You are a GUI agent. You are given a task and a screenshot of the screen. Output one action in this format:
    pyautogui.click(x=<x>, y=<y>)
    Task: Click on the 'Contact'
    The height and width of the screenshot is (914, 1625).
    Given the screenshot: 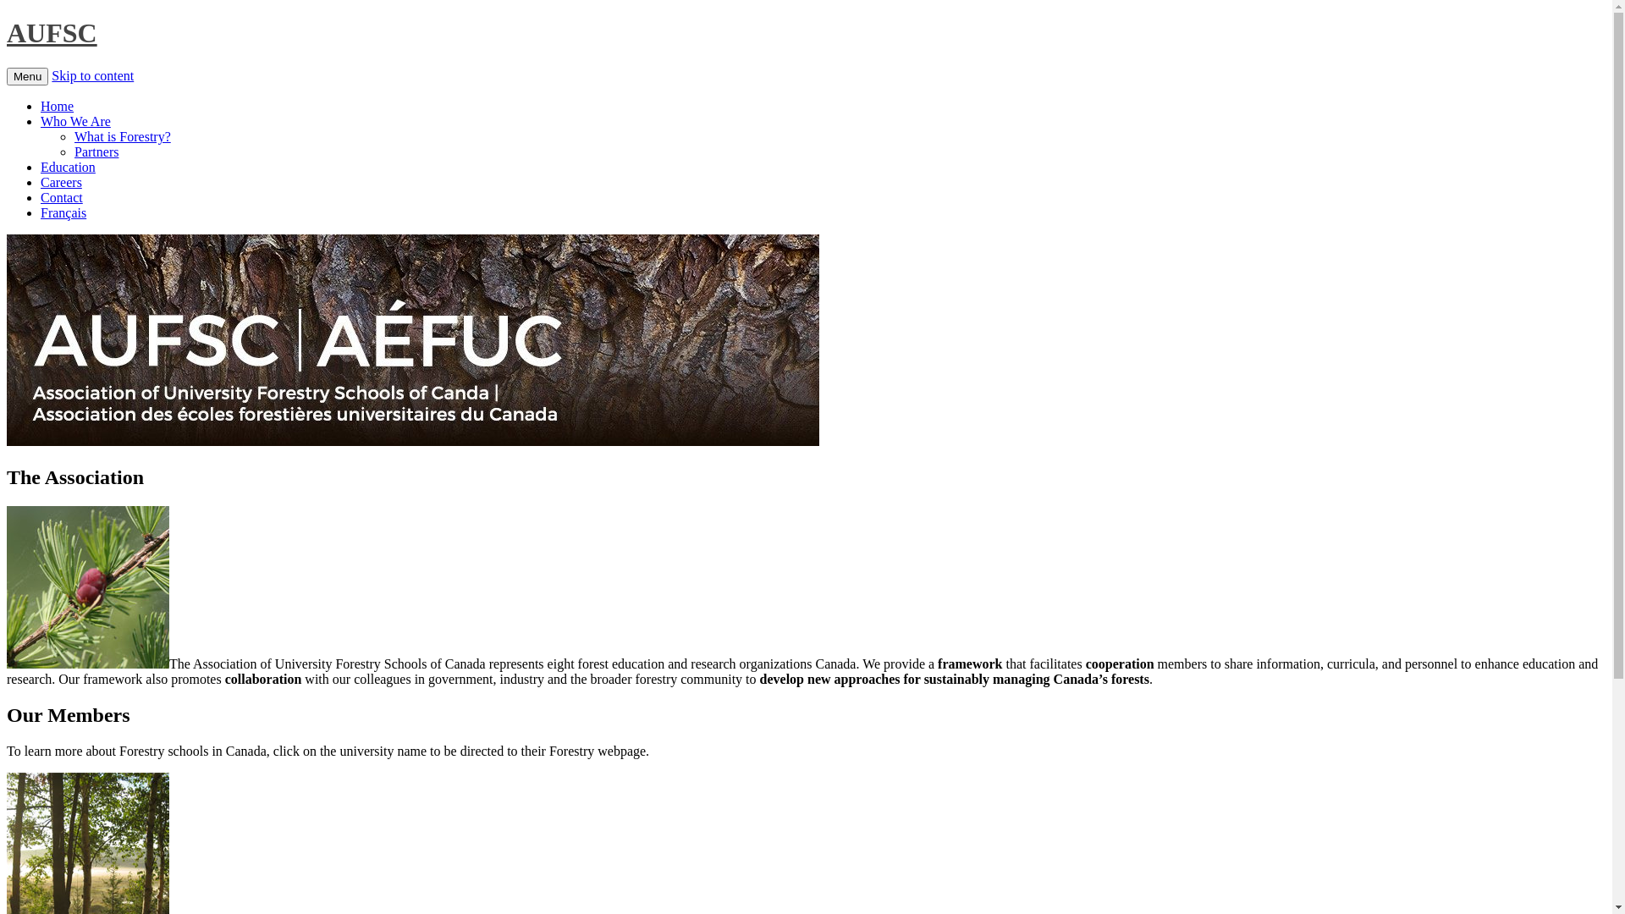 What is the action you would take?
    pyautogui.click(x=61, y=196)
    